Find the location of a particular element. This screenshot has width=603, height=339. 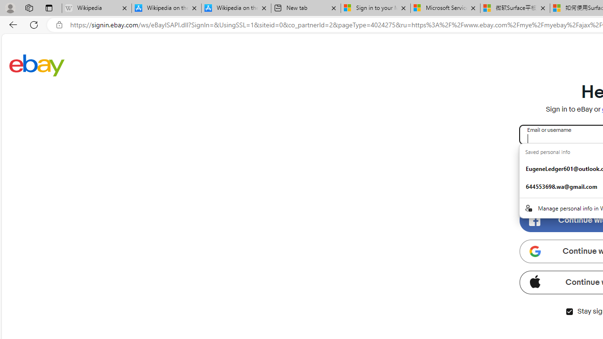

'Class: apple-icon' is located at coordinates (535, 281).